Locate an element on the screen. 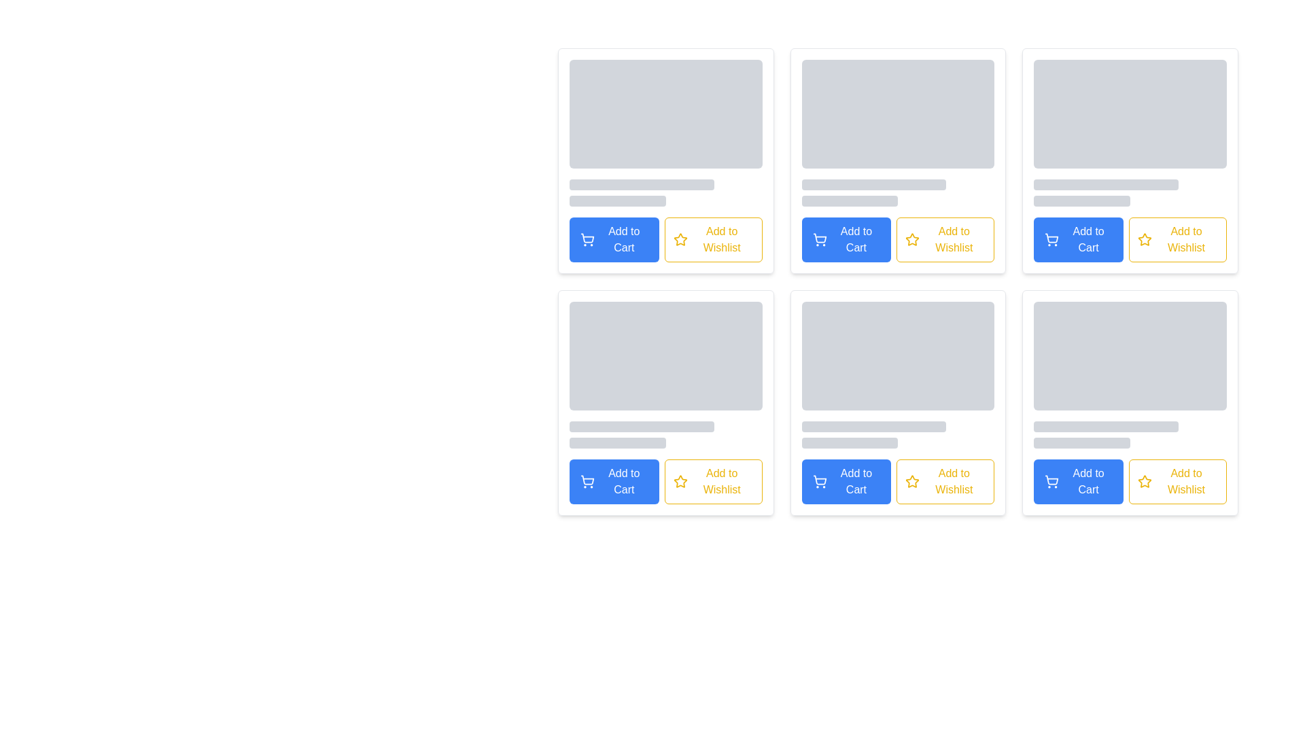  the blue 'Add to Cart' button that contains the shopping cart SVG icon, located in the bottom left corner of the product card is located at coordinates (1051, 237).